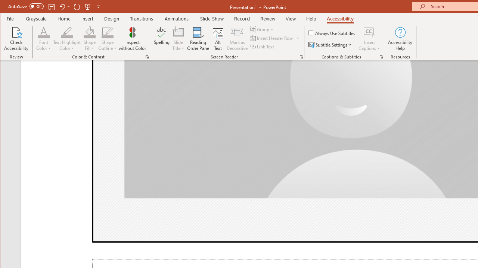  I want to click on 'Insert Header Row', so click(274, 38).